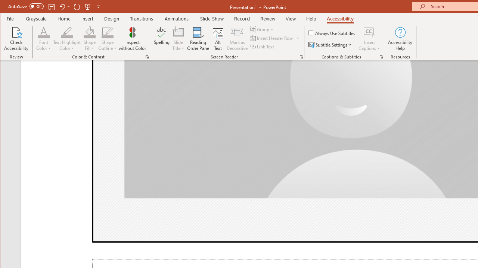  I want to click on 'Insert Header Row', so click(274, 38).